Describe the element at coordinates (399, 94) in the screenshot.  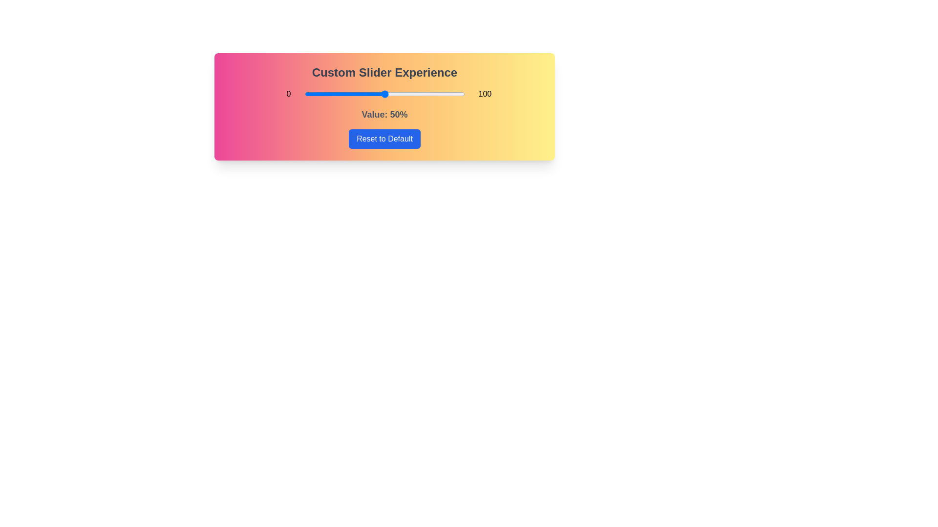
I see `the slider to 59% to explore the gradient background` at that location.